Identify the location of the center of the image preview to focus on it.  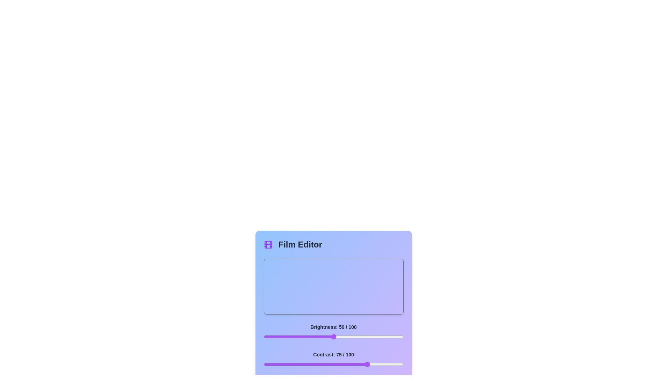
(333, 287).